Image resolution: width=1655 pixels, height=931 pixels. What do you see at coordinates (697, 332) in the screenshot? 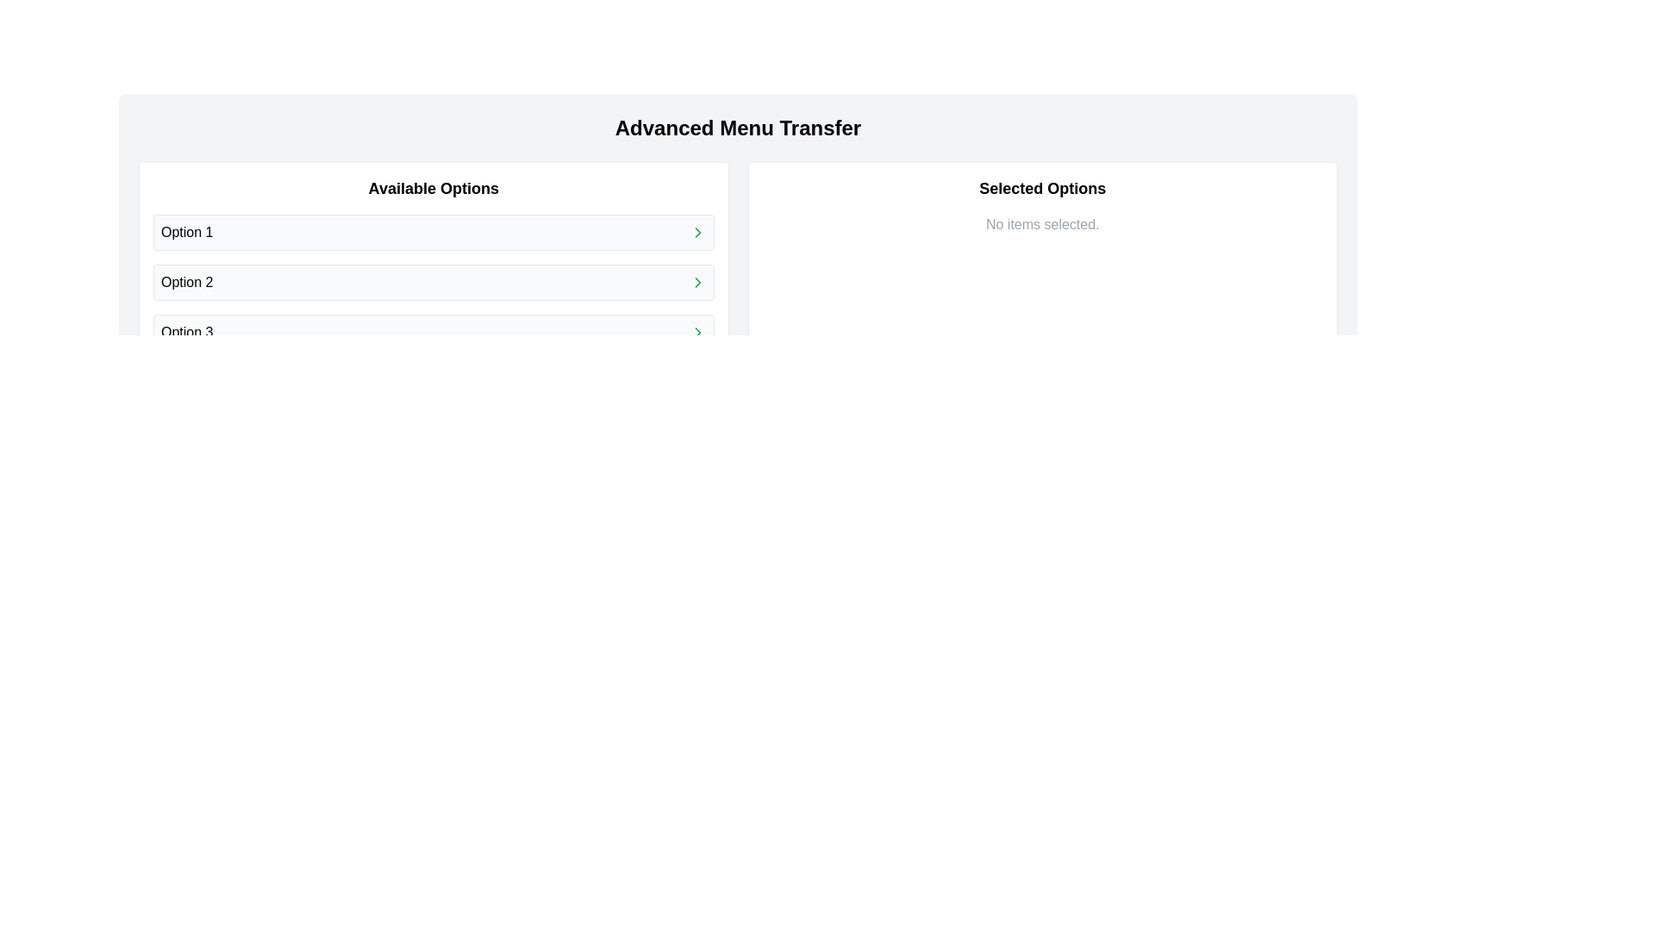
I see `the green right-pointing arrow icon button located at the far right end of the block labeled 'Option 3' in the 'Available Options' column` at bounding box center [697, 332].